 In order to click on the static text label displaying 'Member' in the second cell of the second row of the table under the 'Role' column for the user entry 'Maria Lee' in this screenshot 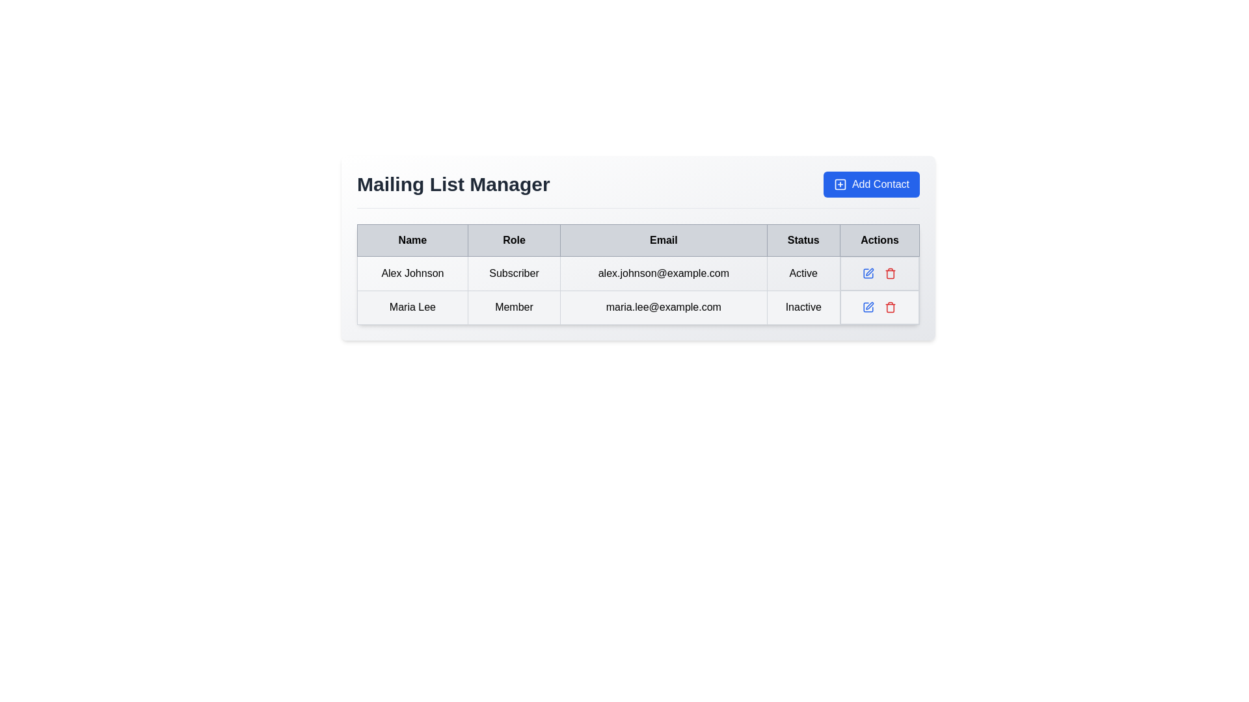, I will do `click(513, 307)`.